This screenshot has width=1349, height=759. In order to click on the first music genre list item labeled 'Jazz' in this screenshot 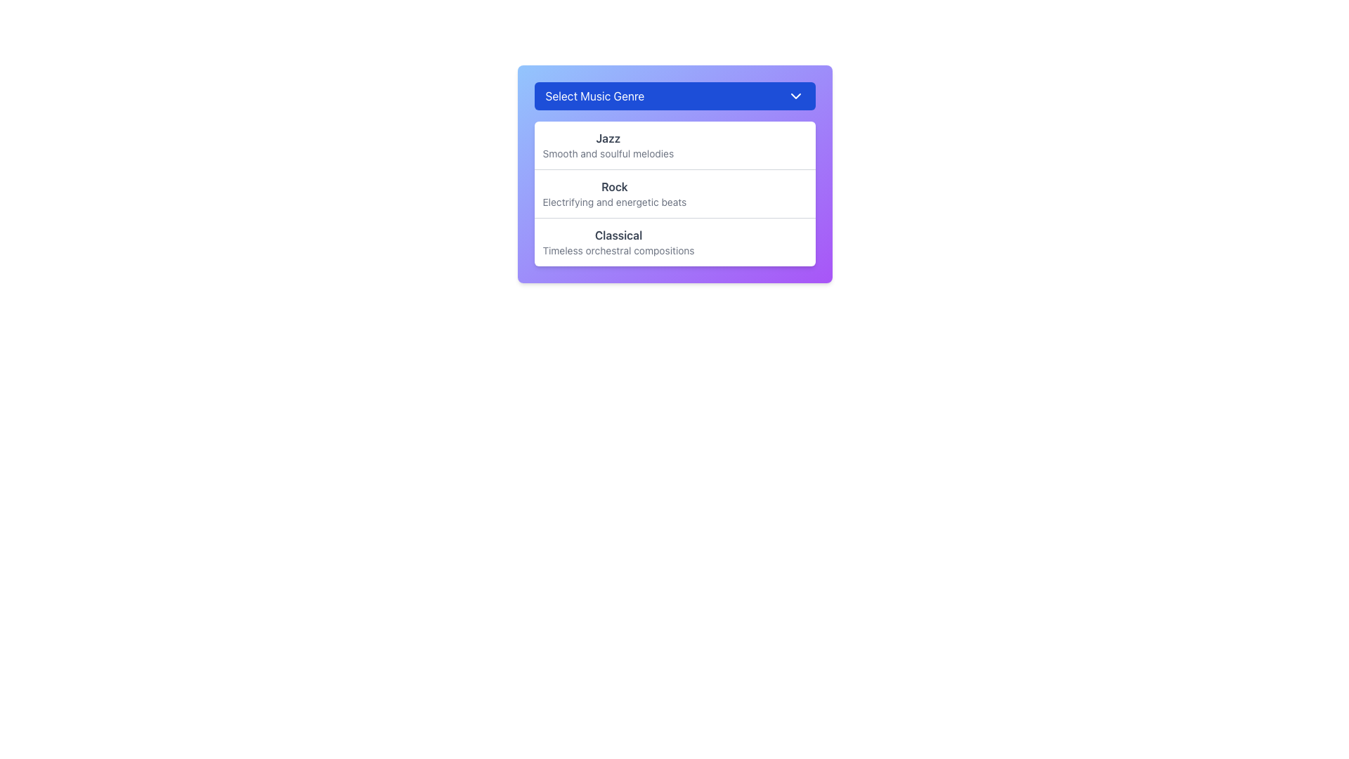, I will do `click(674, 145)`.